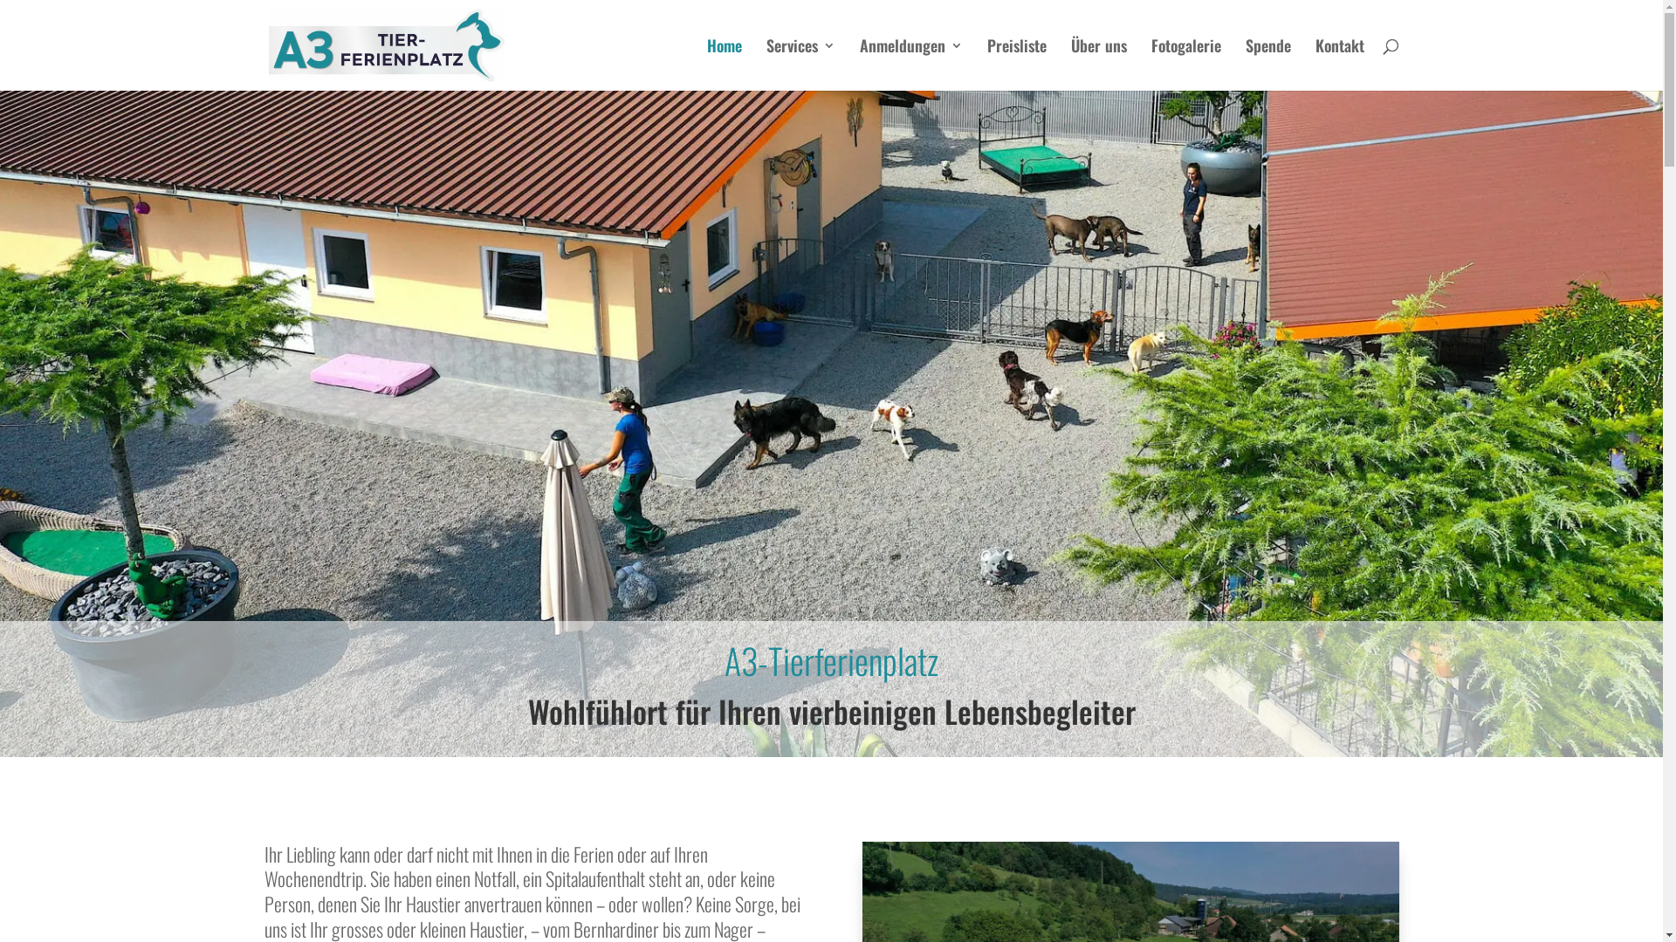  I want to click on 'Anmeldungen', so click(909, 64).